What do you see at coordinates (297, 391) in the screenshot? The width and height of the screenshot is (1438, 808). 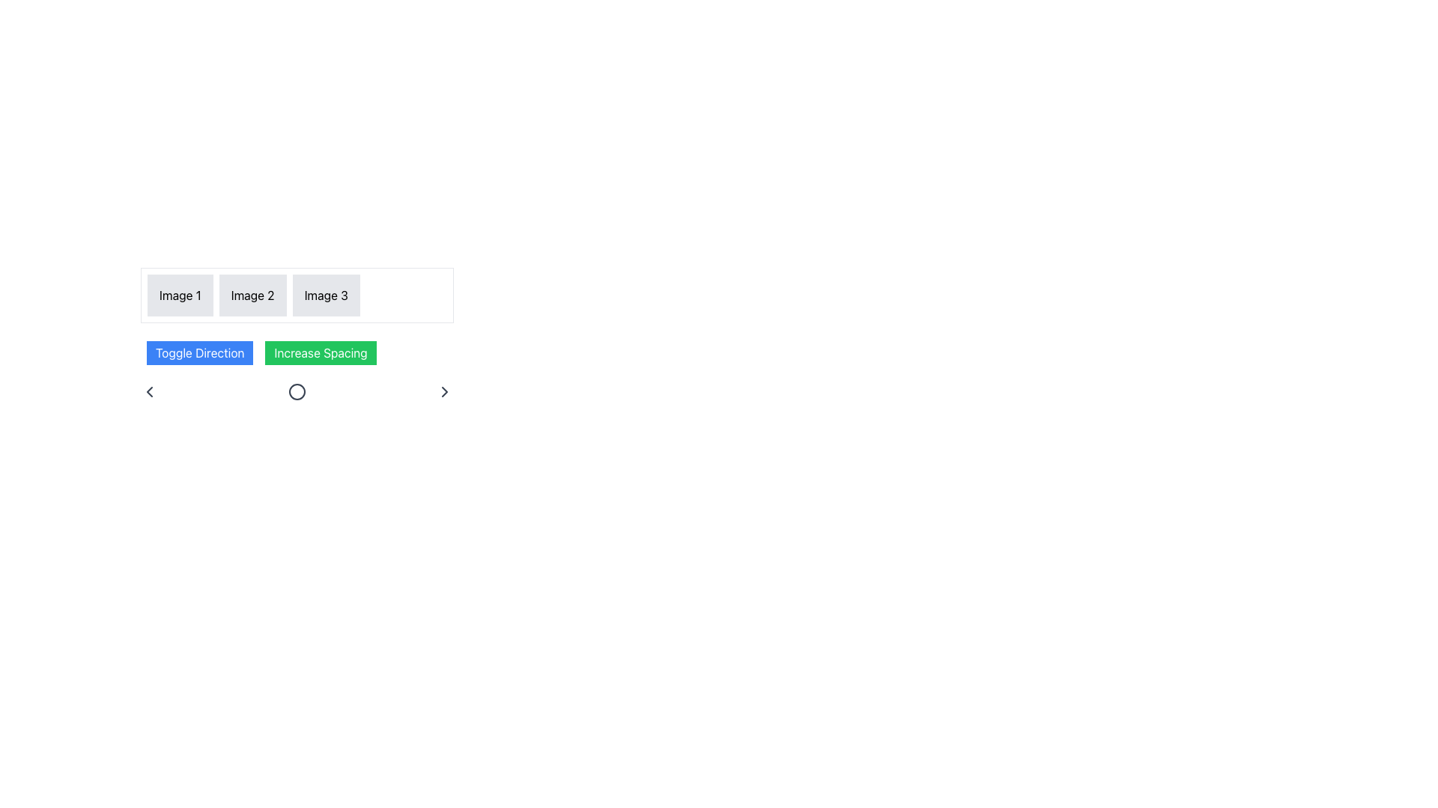 I see `the circular icon with a thin, dark border and transparent fill, located between the left and right arrow icons` at bounding box center [297, 391].